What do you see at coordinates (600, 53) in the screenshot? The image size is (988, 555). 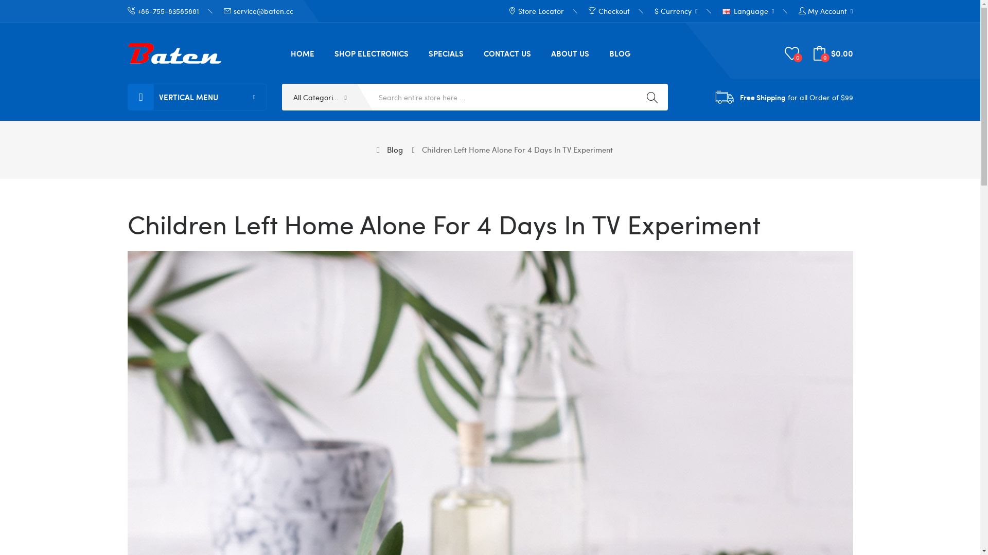 I see `'BLOG'` at bounding box center [600, 53].